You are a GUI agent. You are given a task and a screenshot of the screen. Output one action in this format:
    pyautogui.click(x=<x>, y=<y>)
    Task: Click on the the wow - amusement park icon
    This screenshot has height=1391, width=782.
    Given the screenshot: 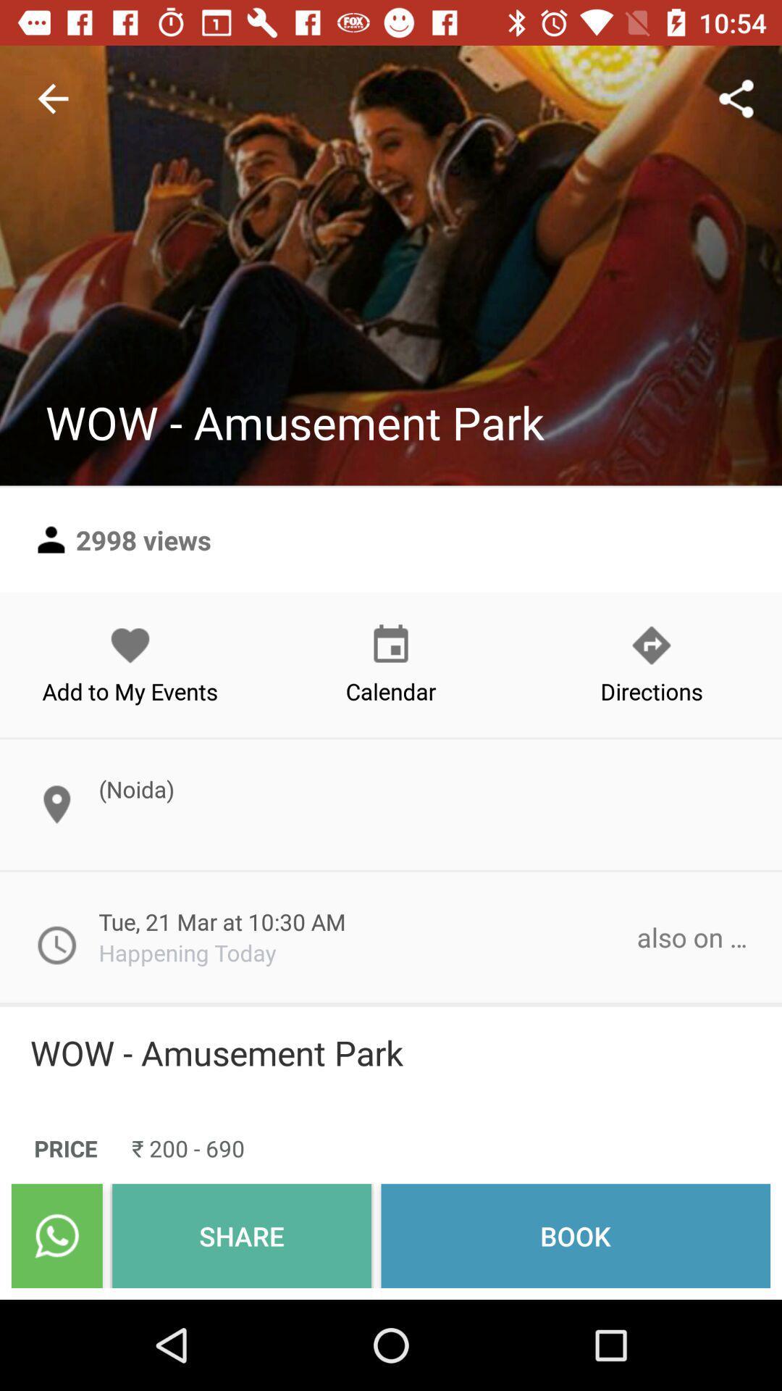 What is the action you would take?
    pyautogui.click(x=391, y=1053)
    